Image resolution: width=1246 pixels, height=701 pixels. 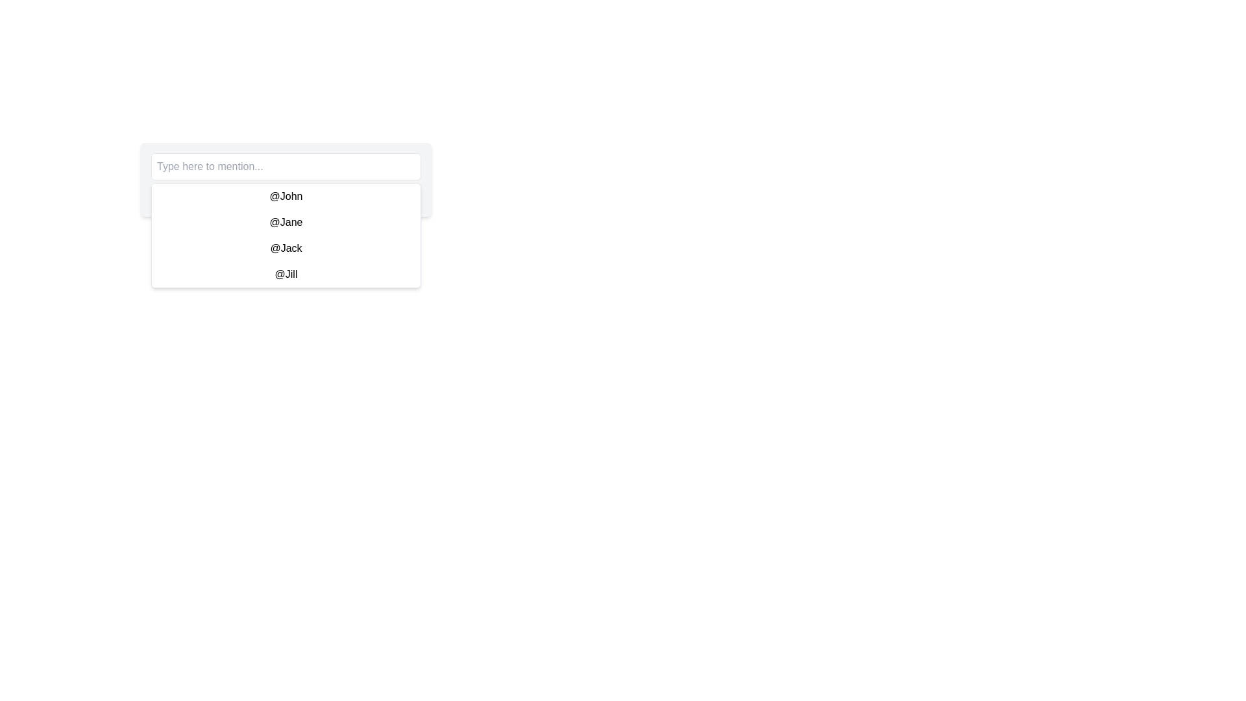 I want to click on the first suggestion '@John' in the dropdown menu, so click(x=286, y=197).